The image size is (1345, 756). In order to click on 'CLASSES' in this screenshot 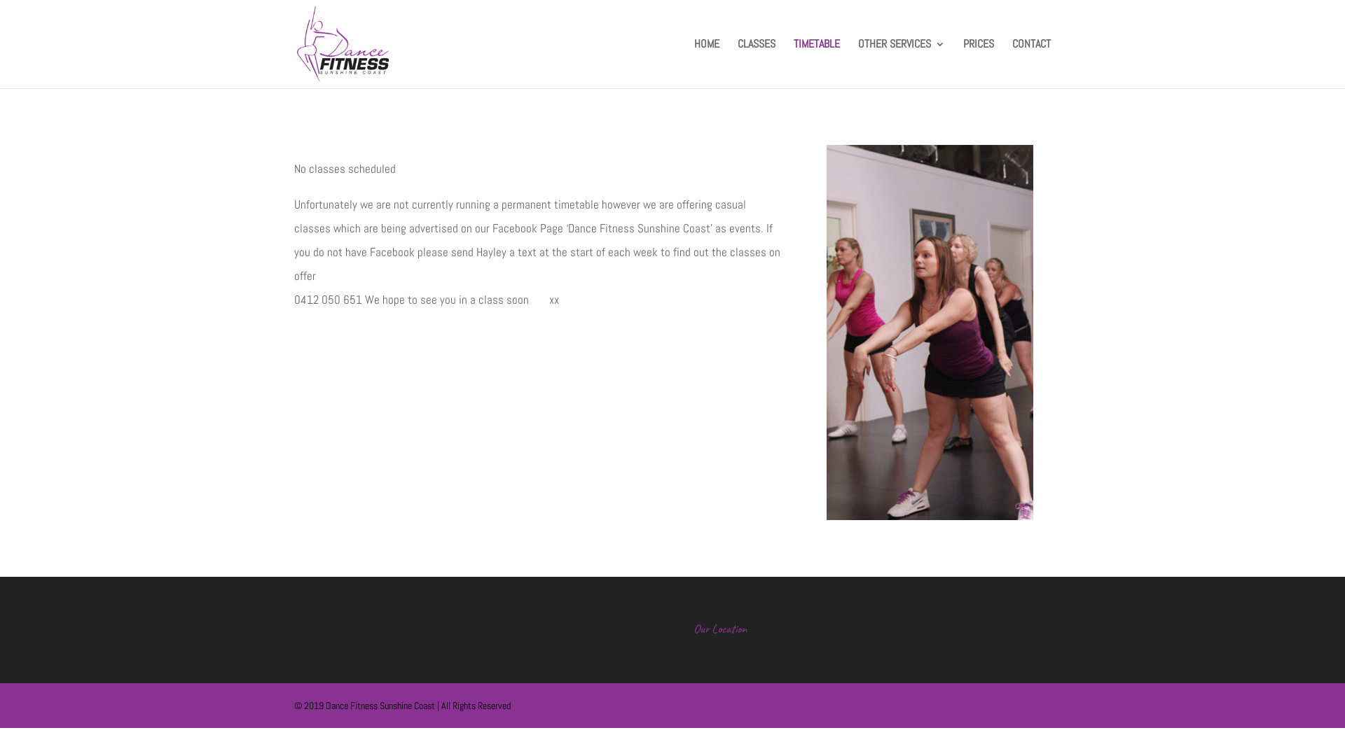, I will do `click(736, 64)`.